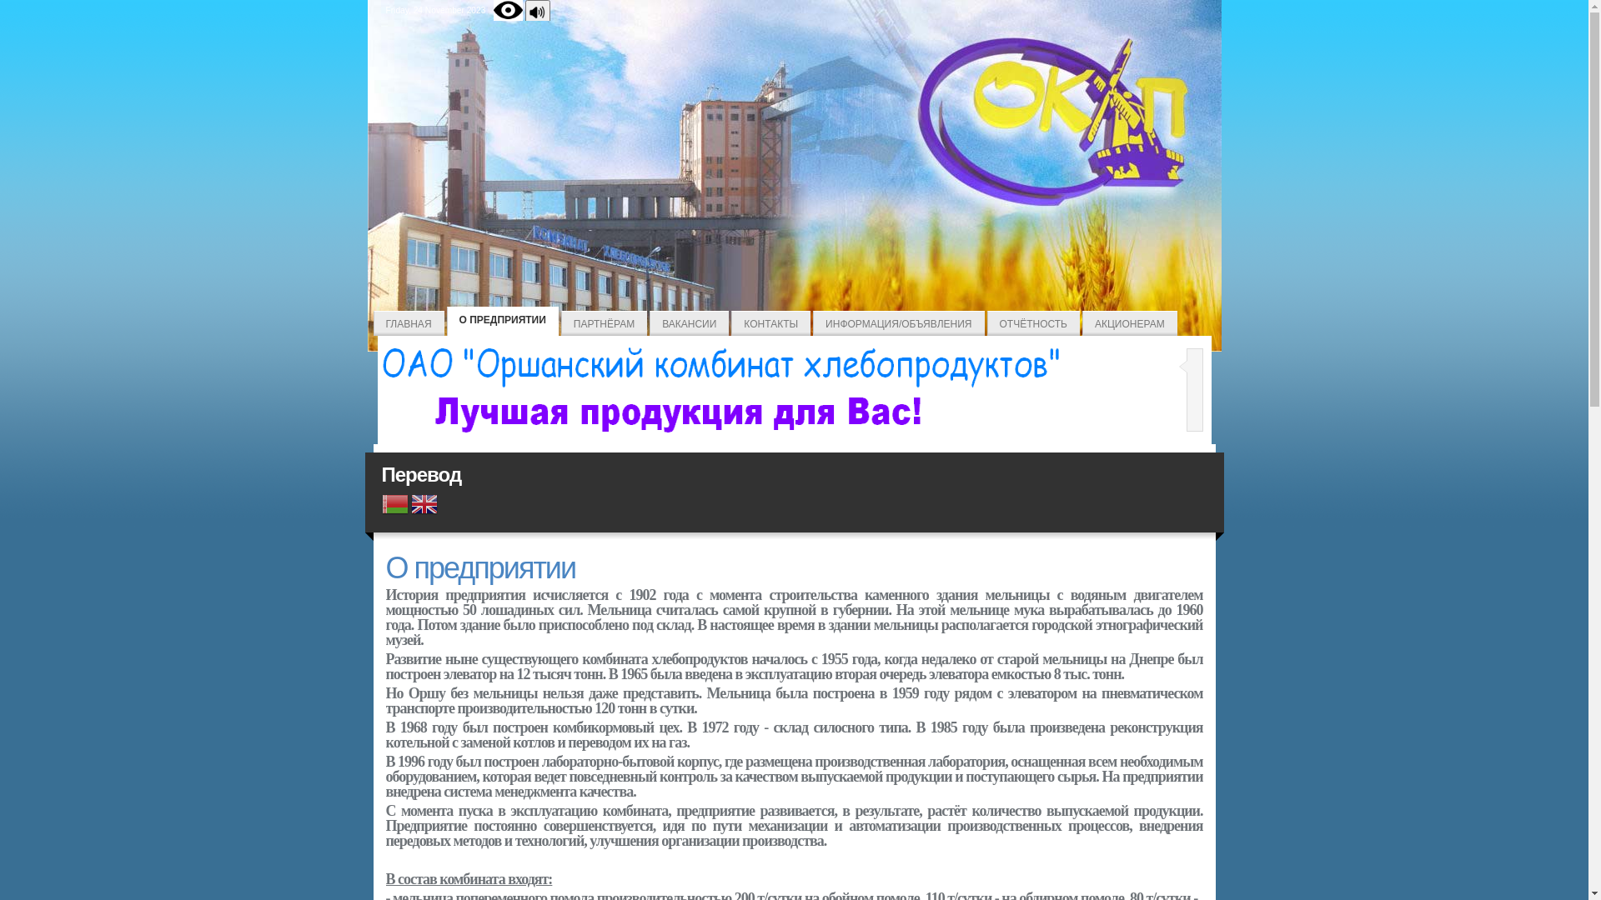 The height and width of the screenshot is (900, 1601). Describe the element at coordinates (424, 506) in the screenshot. I see `'English'` at that location.